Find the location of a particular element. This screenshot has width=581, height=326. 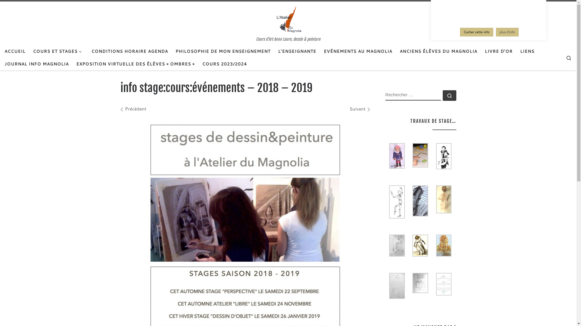

'Passer au contenu' is located at coordinates (1, 9).